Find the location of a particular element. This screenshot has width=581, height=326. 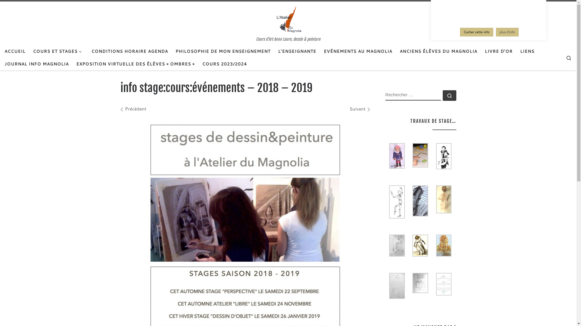

'Passer au contenu' is located at coordinates (1, 9).